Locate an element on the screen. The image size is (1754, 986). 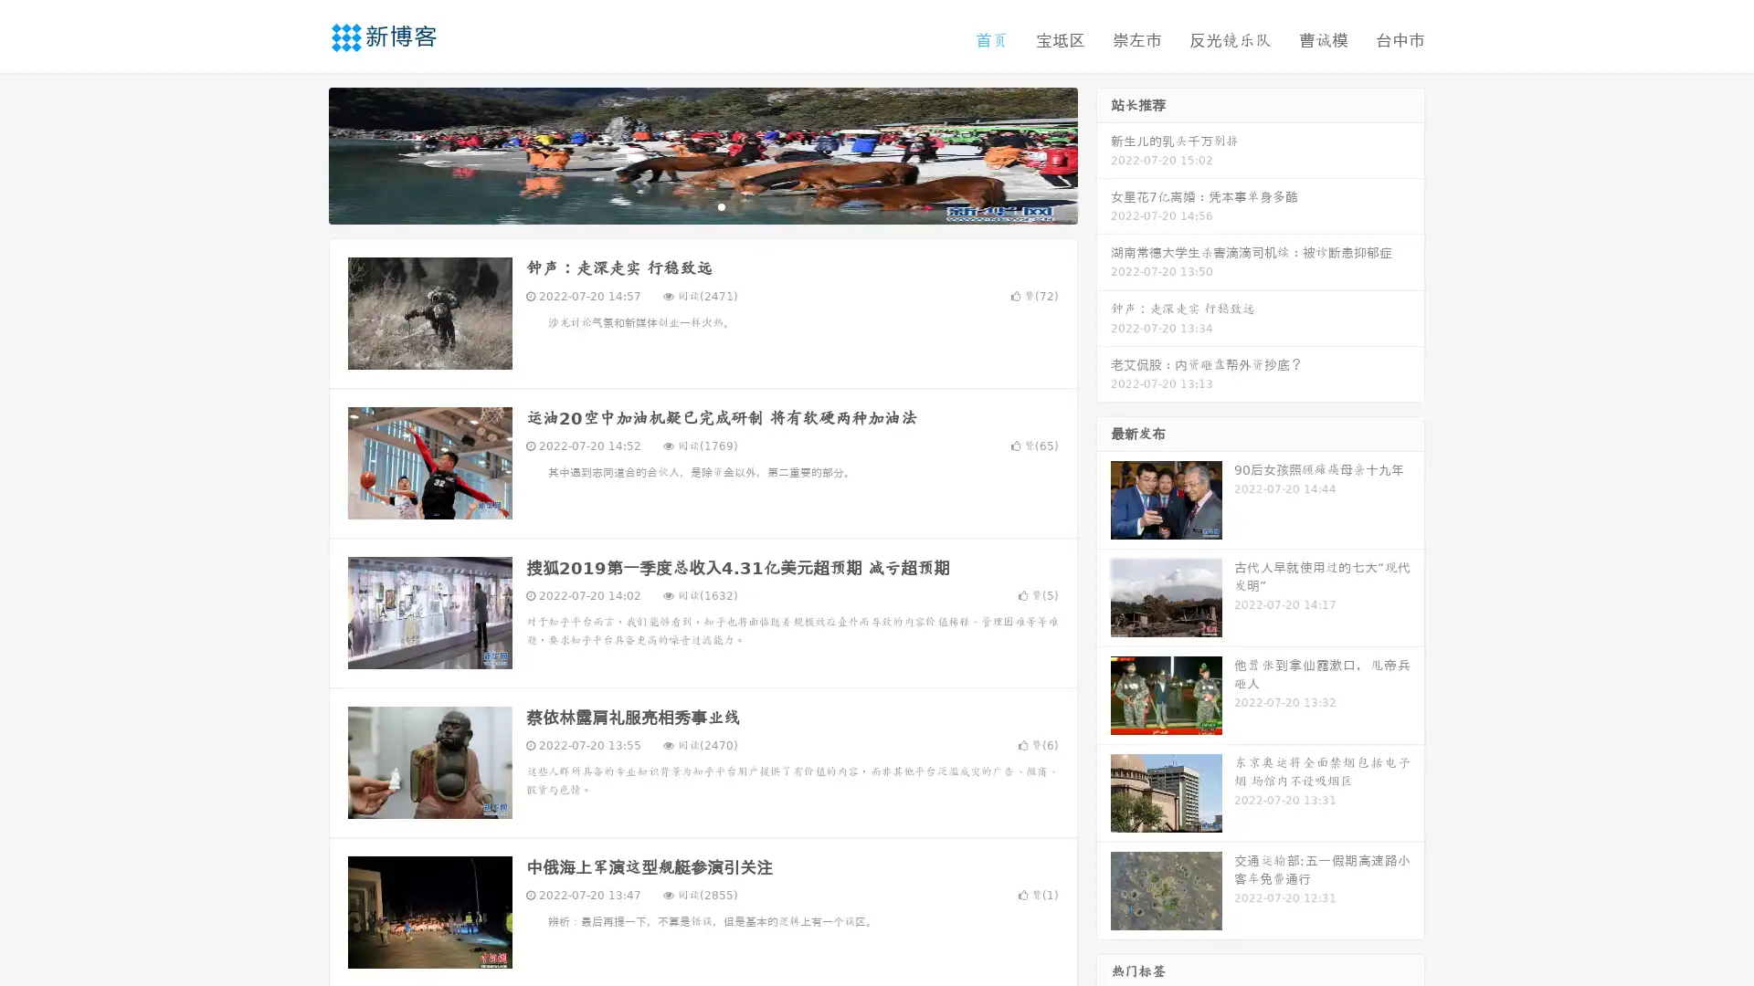
Next slide is located at coordinates (1104, 153).